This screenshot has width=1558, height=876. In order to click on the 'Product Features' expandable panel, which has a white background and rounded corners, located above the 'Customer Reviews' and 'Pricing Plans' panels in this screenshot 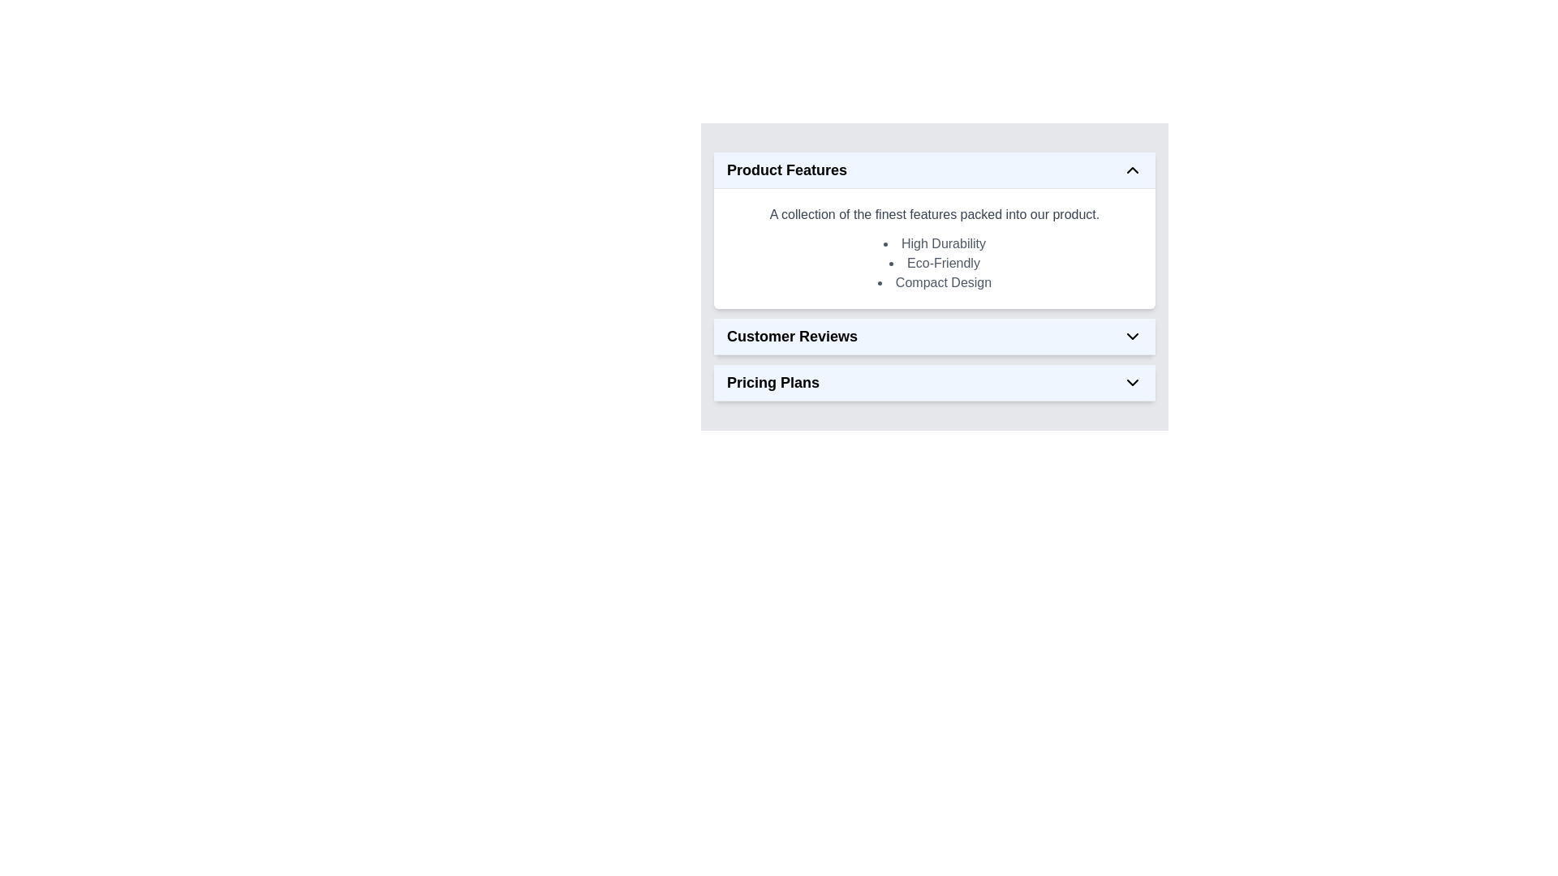, I will do `click(935, 230)`.